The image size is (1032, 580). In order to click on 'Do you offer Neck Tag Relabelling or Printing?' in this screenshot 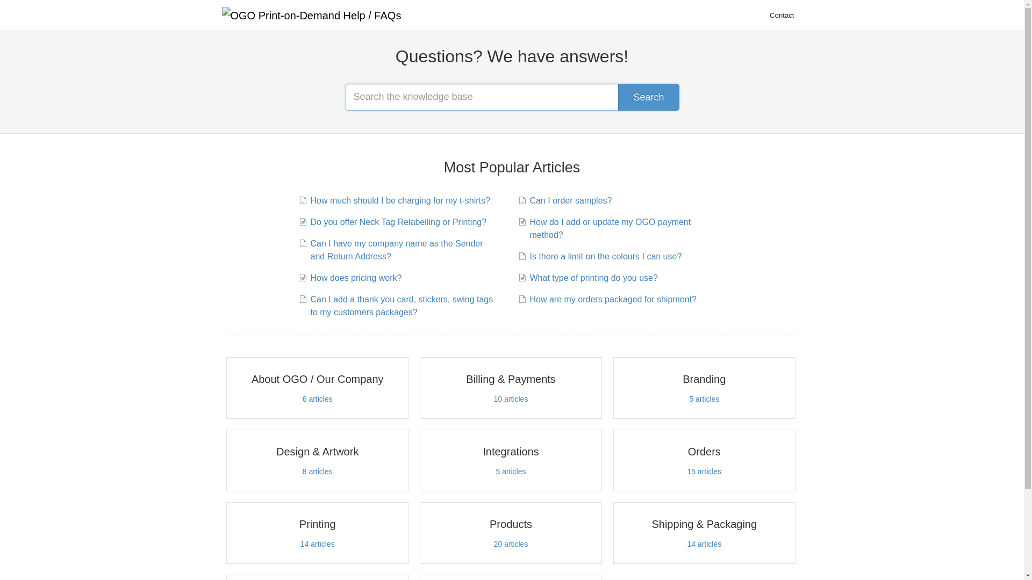, I will do `click(396, 221)`.